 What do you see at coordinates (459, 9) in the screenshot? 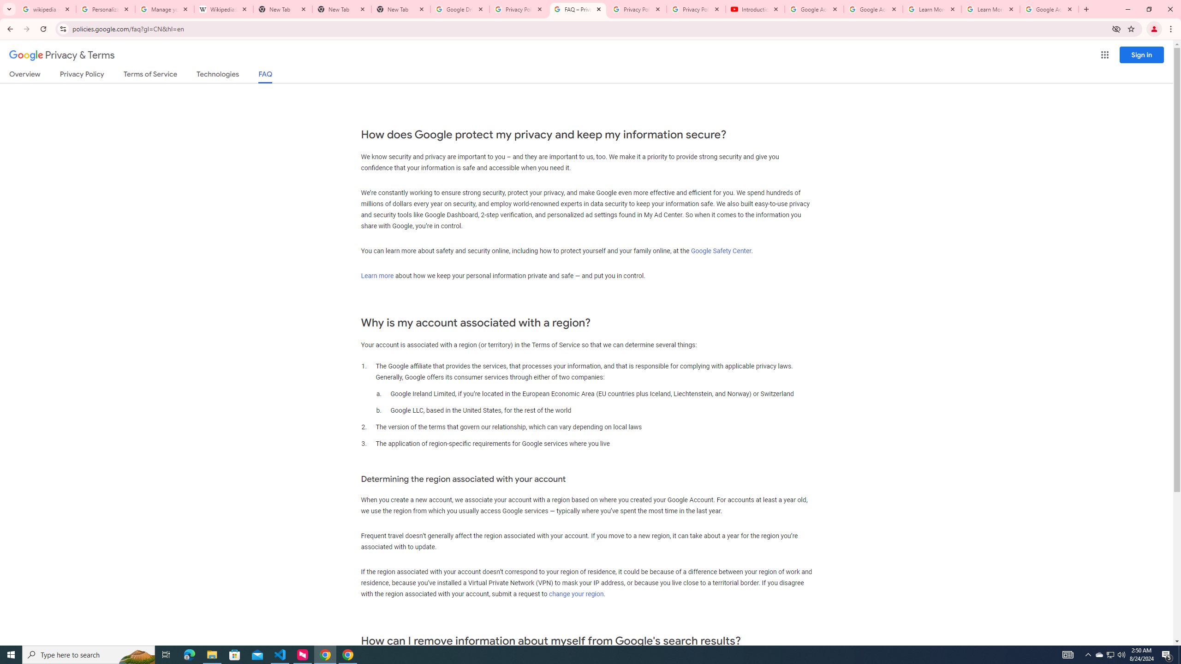
I see `'Google Drive: Sign-in'` at bounding box center [459, 9].